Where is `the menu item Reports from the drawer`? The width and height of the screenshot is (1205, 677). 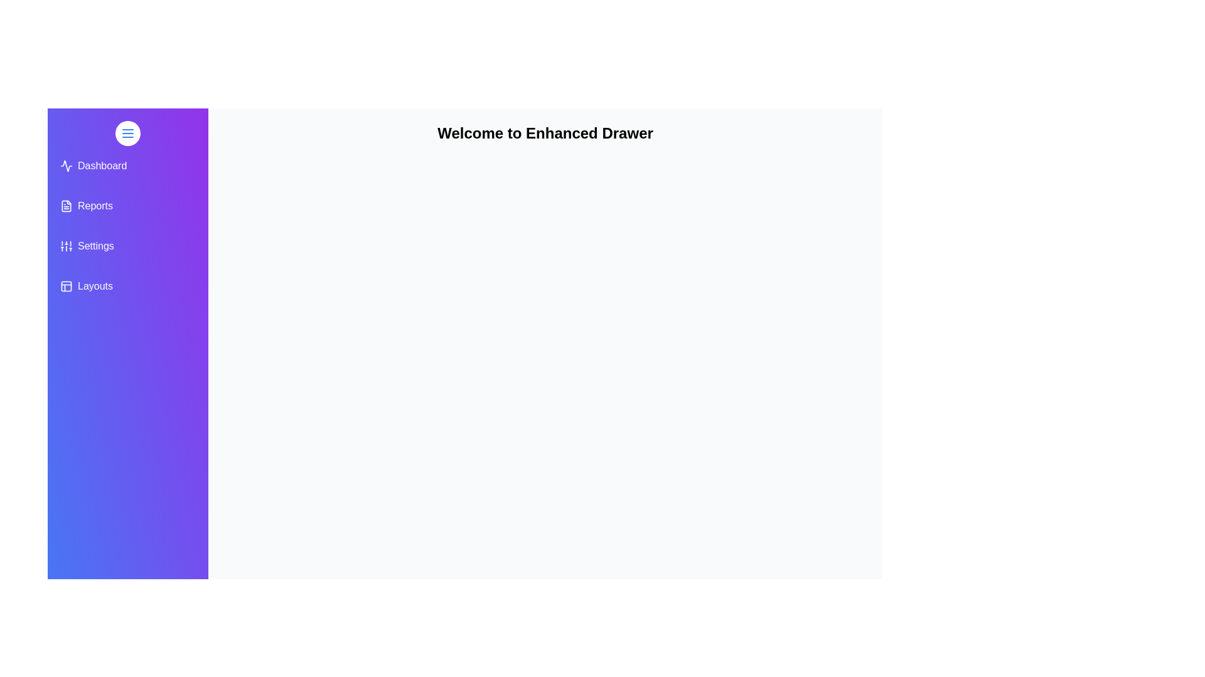
the menu item Reports from the drawer is located at coordinates (127, 205).